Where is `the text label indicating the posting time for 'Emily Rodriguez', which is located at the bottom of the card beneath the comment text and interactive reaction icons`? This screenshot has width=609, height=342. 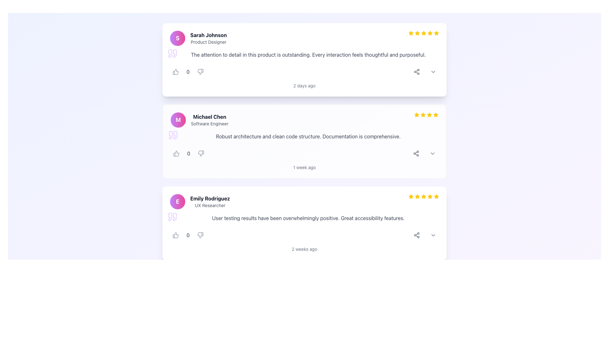 the text label indicating the posting time for 'Emily Rodriguez', which is located at the bottom of the card beneath the comment text and interactive reaction icons is located at coordinates (304, 249).